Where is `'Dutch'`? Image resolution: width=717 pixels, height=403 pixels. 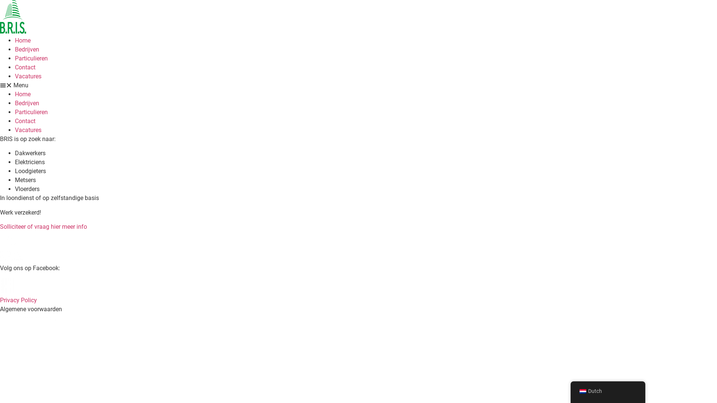
'Dutch' is located at coordinates (582, 391).